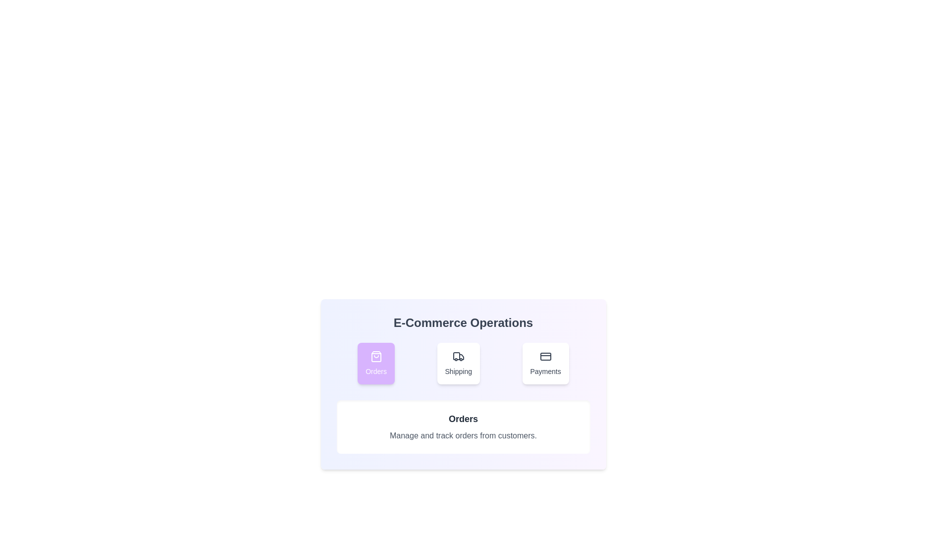 The width and height of the screenshot is (951, 535). I want to click on the decorative rectangle with a dark border and transparent fill, located within the 'Payments' card icon, positioned in the middle row as the third card from the left, so click(545, 357).